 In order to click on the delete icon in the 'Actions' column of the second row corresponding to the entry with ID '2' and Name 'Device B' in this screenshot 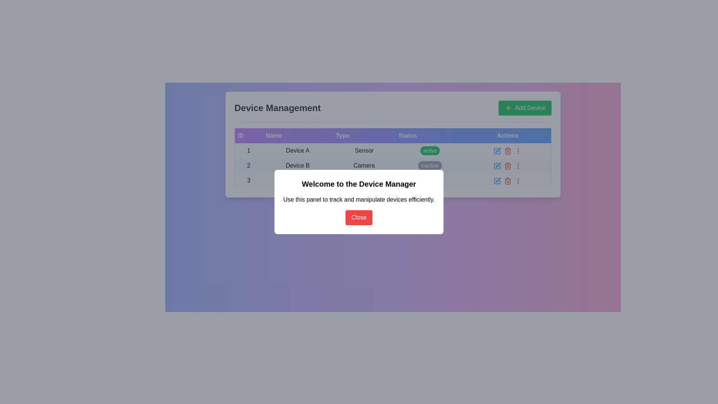, I will do `click(508, 165)`.